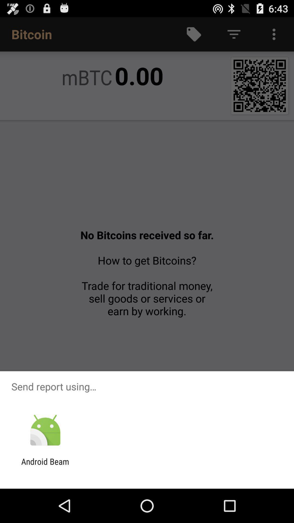 This screenshot has width=294, height=523. Describe the element at coordinates (45, 430) in the screenshot. I see `item above android beam app` at that location.